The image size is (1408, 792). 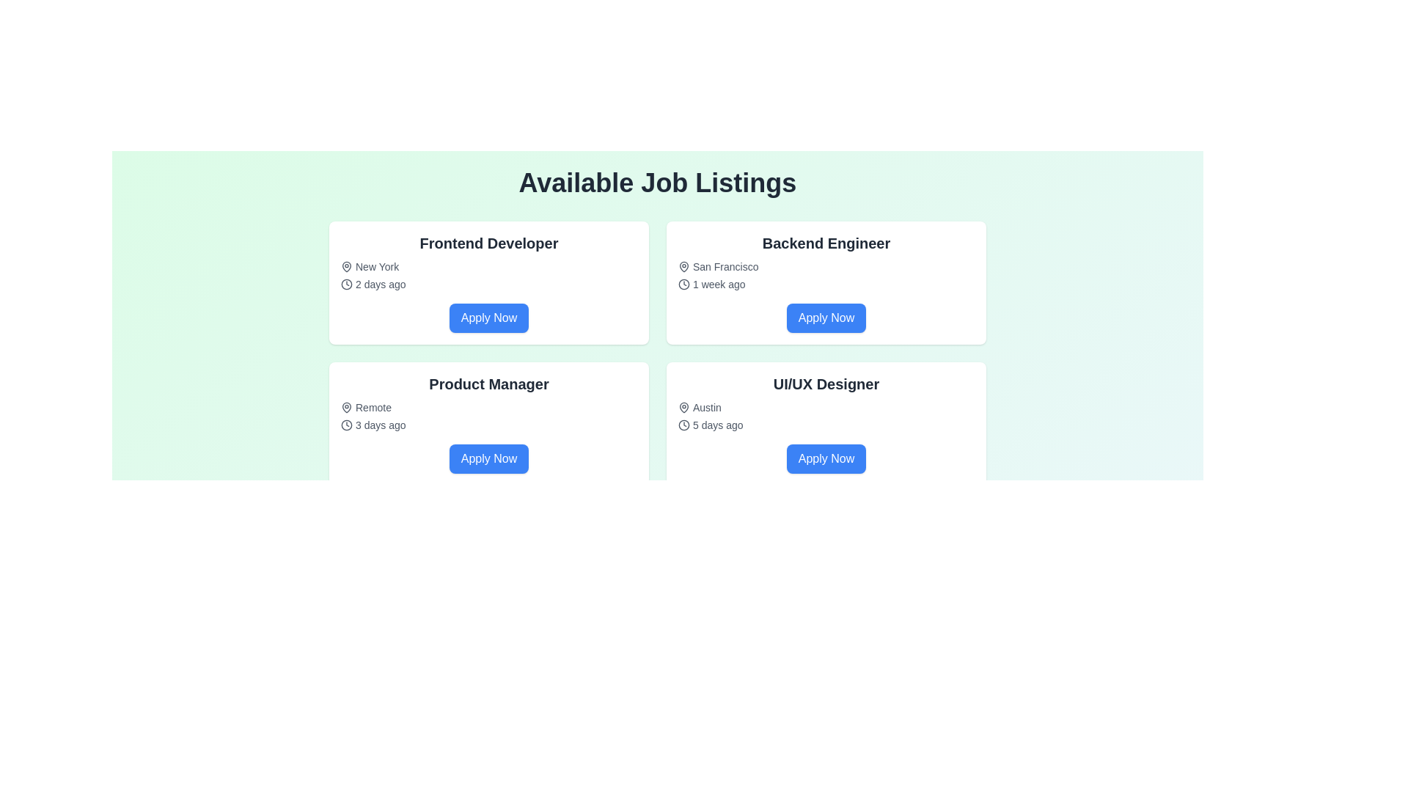 I want to click on the time icon located to the left of the text '2 days ago' under the 'Frontend Developer' section in the job card, so click(x=346, y=285).